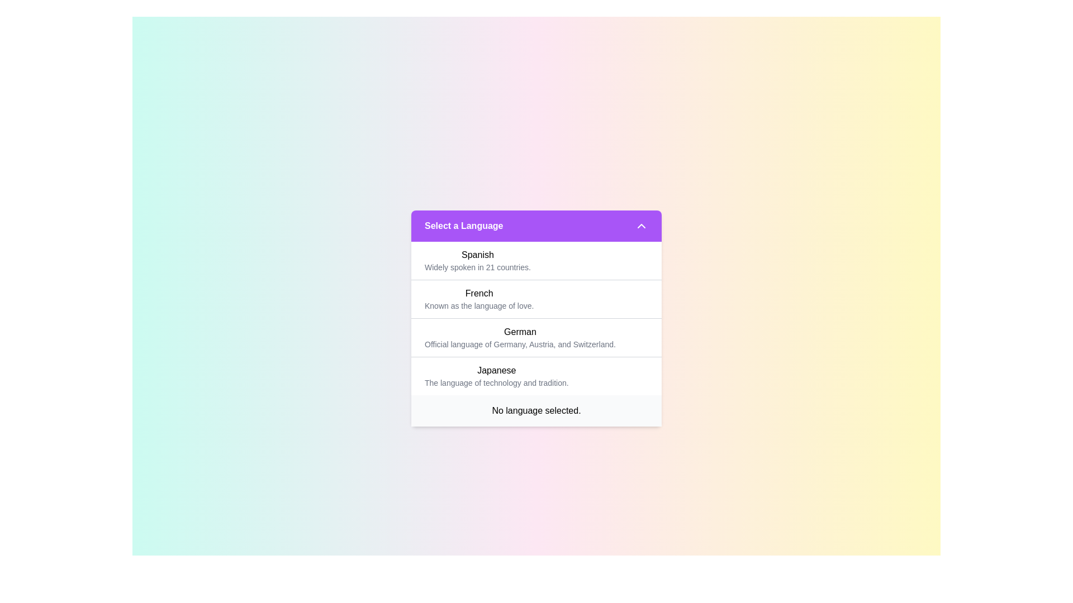  What do you see at coordinates (641, 226) in the screenshot?
I see `the Chevron icon located on the right-hand side of the 'Select a Language' section in the header with a purple background` at bounding box center [641, 226].